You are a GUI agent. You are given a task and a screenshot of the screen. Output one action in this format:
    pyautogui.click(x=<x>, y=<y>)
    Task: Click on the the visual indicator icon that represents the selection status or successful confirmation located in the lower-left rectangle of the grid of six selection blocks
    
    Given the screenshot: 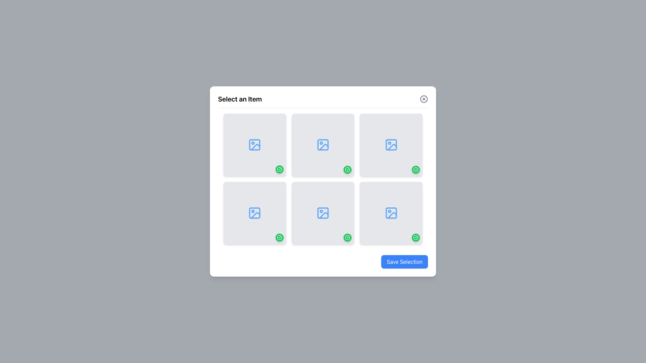 What is the action you would take?
    pyautogui.click(x=279, y=169)
    